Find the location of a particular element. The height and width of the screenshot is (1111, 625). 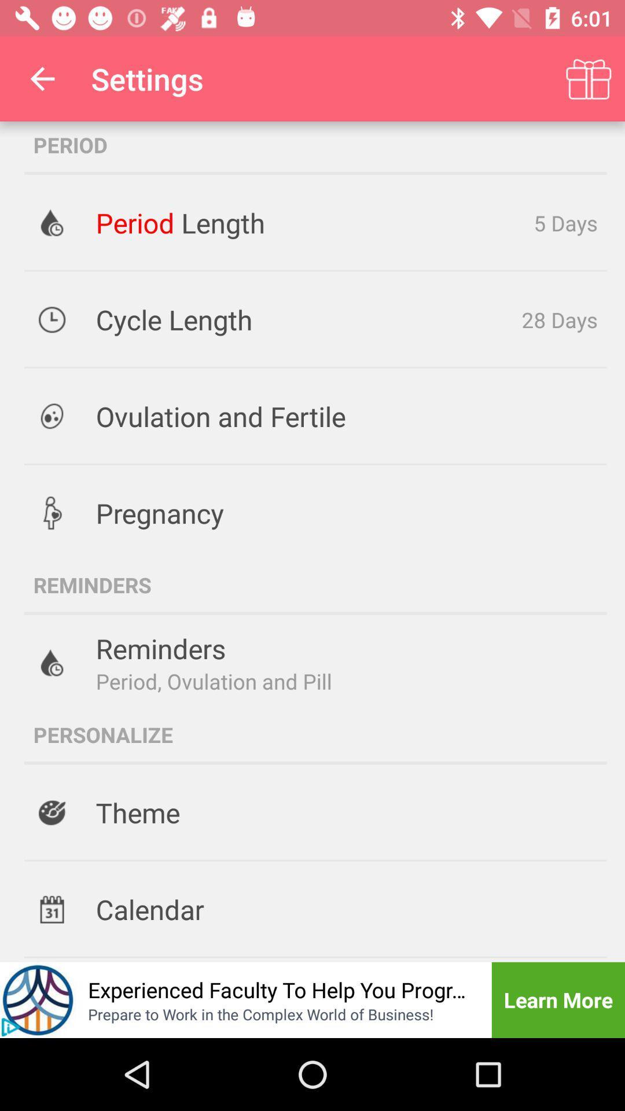

the flight icon is located at coordinates (37, 999).